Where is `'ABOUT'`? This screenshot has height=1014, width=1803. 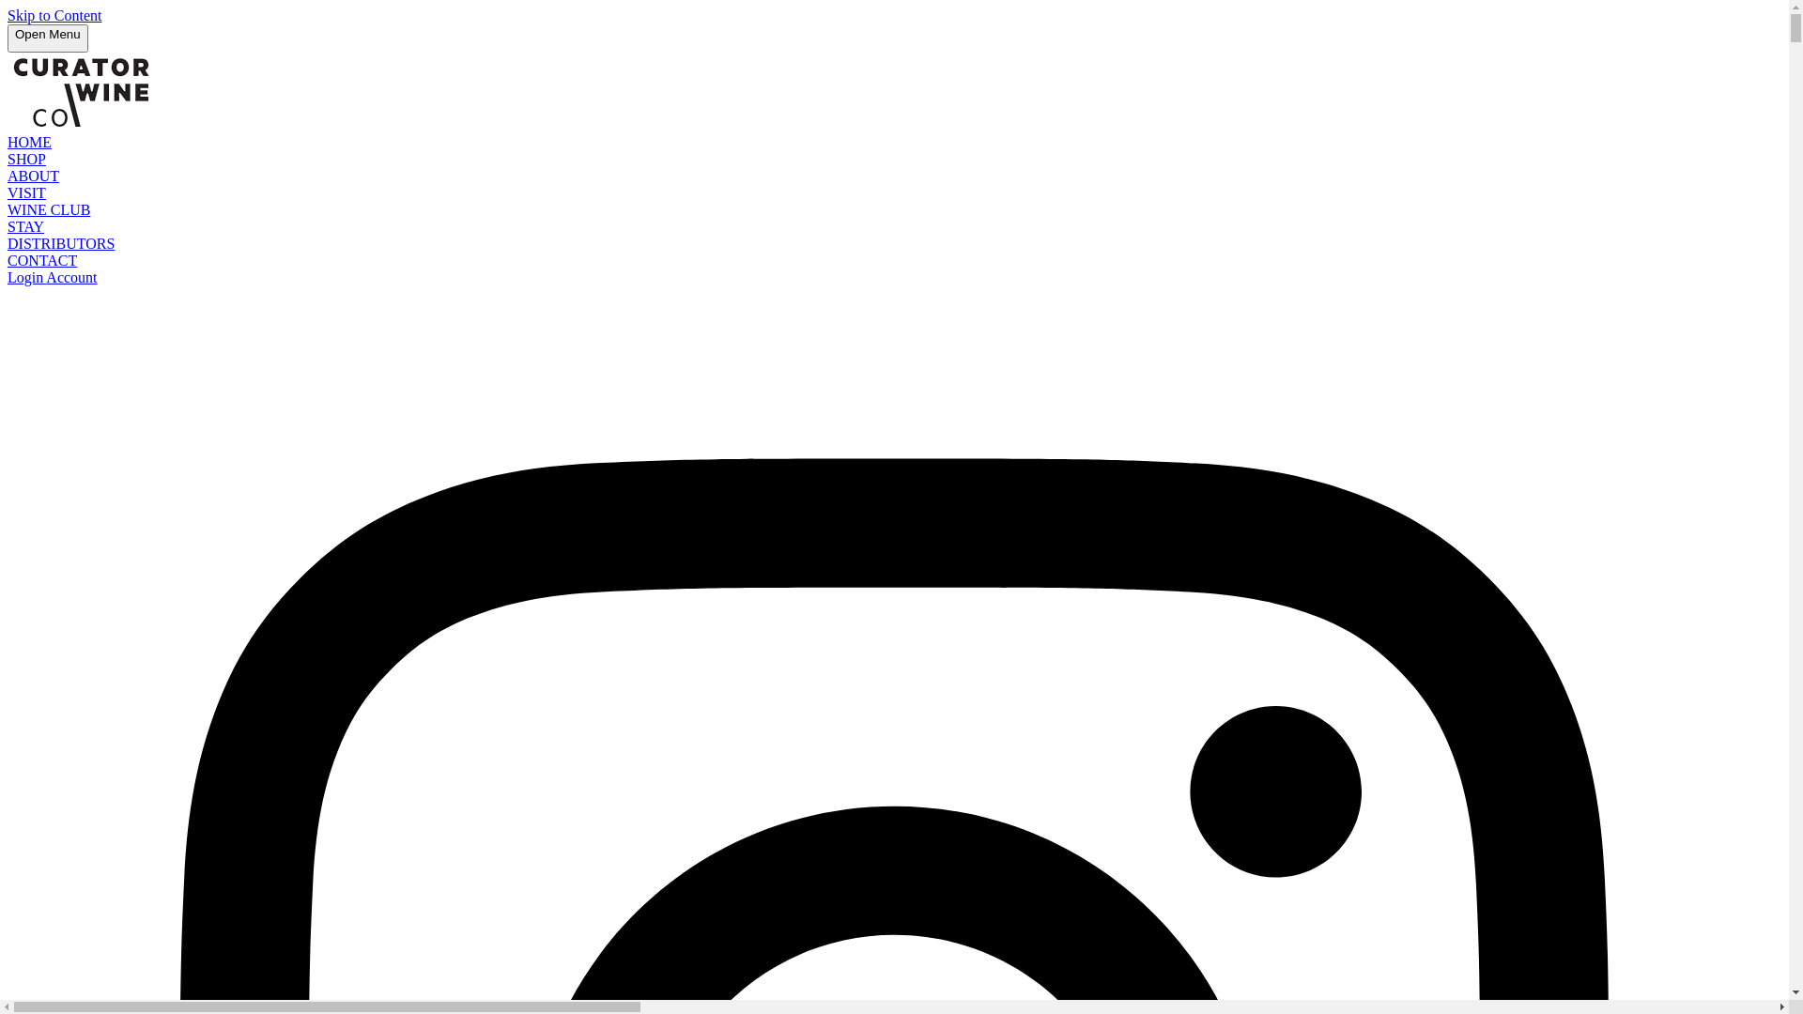 'ABOUT' is located at coordinates (33, 176).